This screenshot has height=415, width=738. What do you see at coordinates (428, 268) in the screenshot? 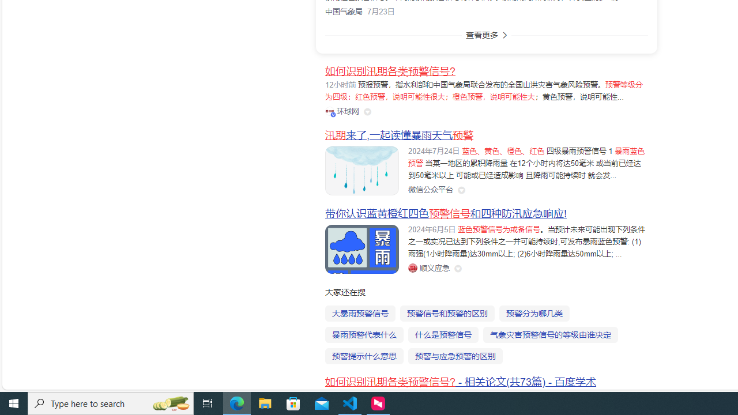
I see `'Class: siteLink_9TPP3'` at bounding box center [428, 268].